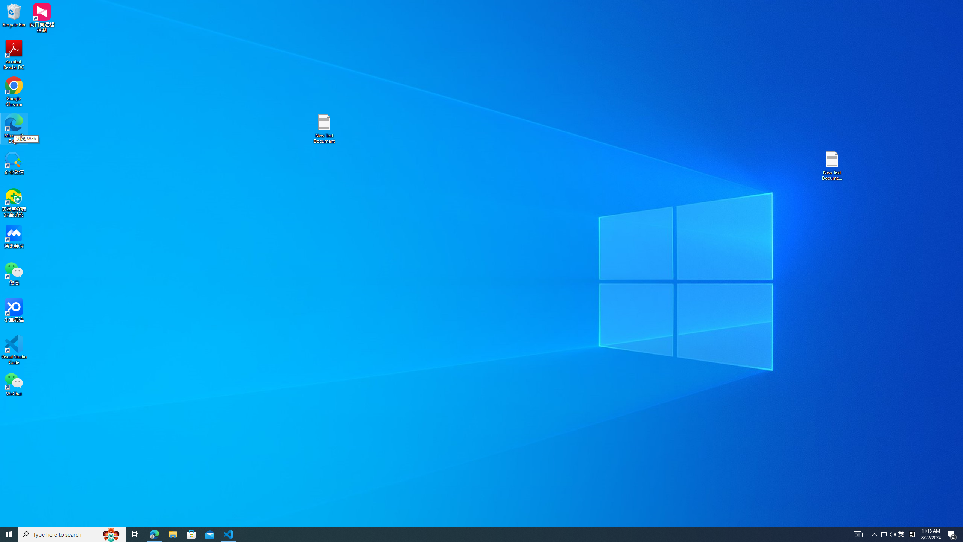 This screenshot has height=542, width=963. What do you see at coordinates (172, 534) in the screenshot?
I see `'File Explorer'` at bounding box center [172, 534].